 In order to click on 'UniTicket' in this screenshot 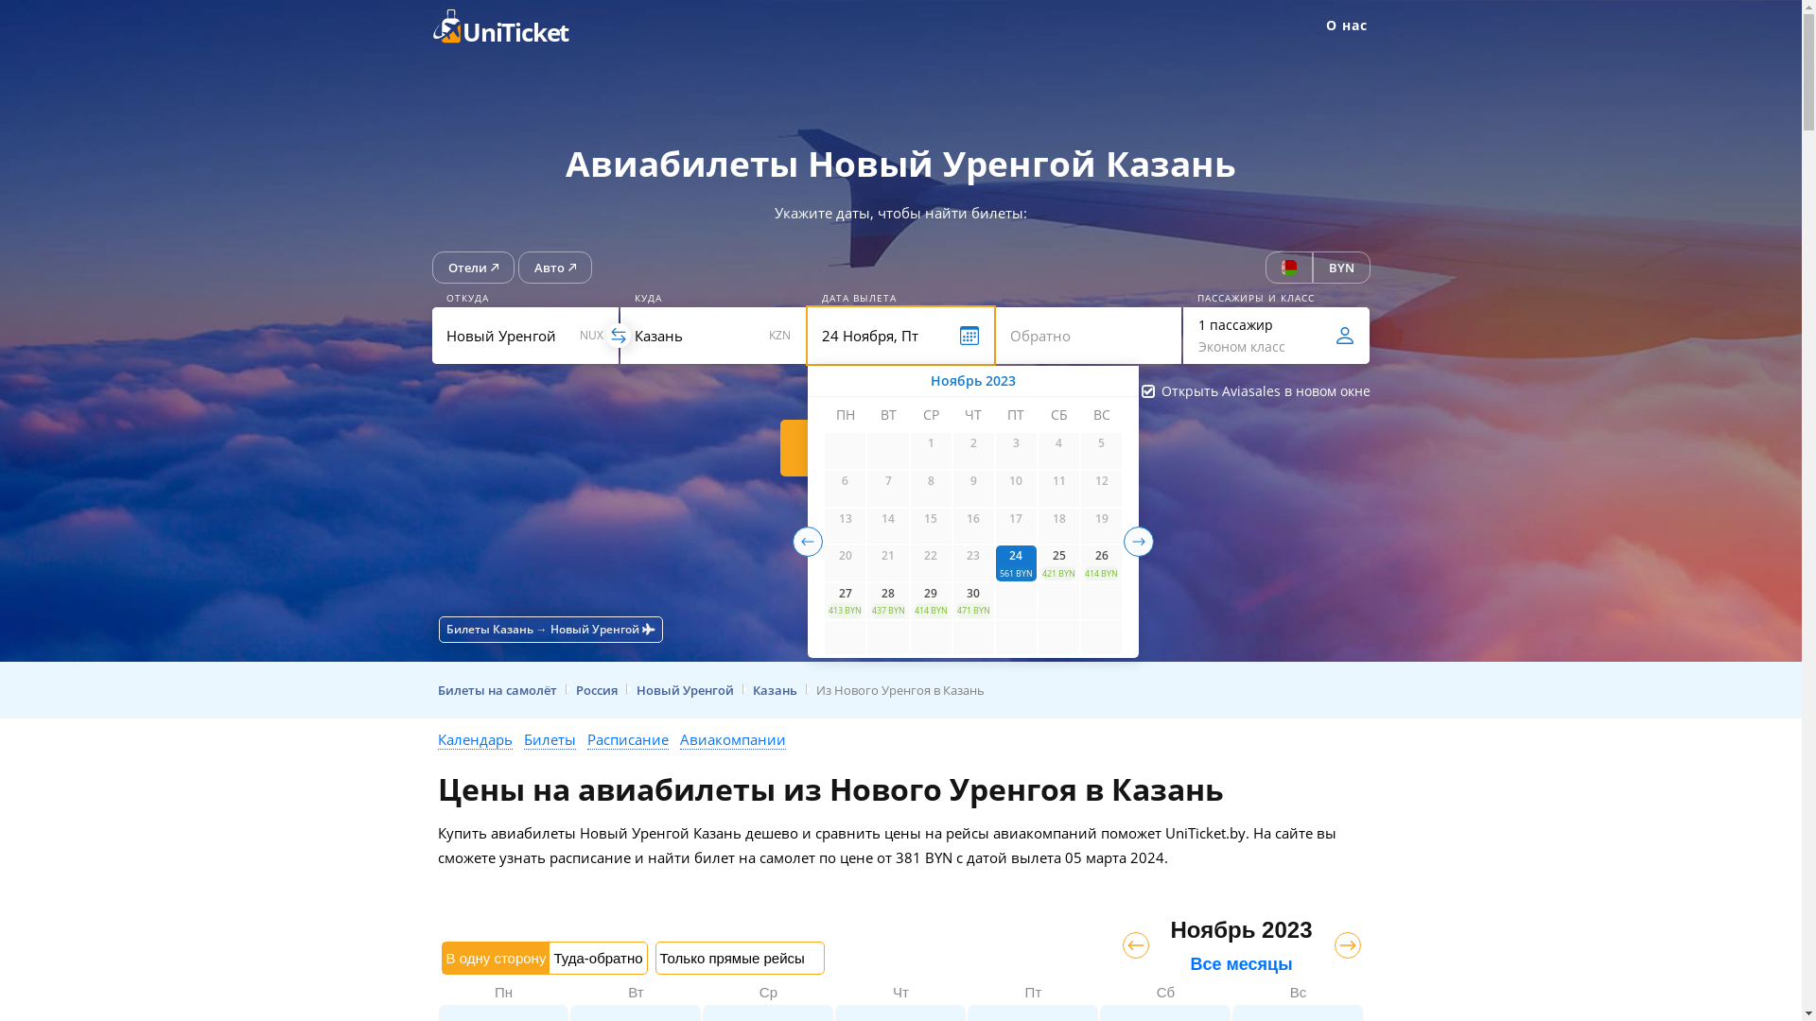, I will do `click(513, 26)`.